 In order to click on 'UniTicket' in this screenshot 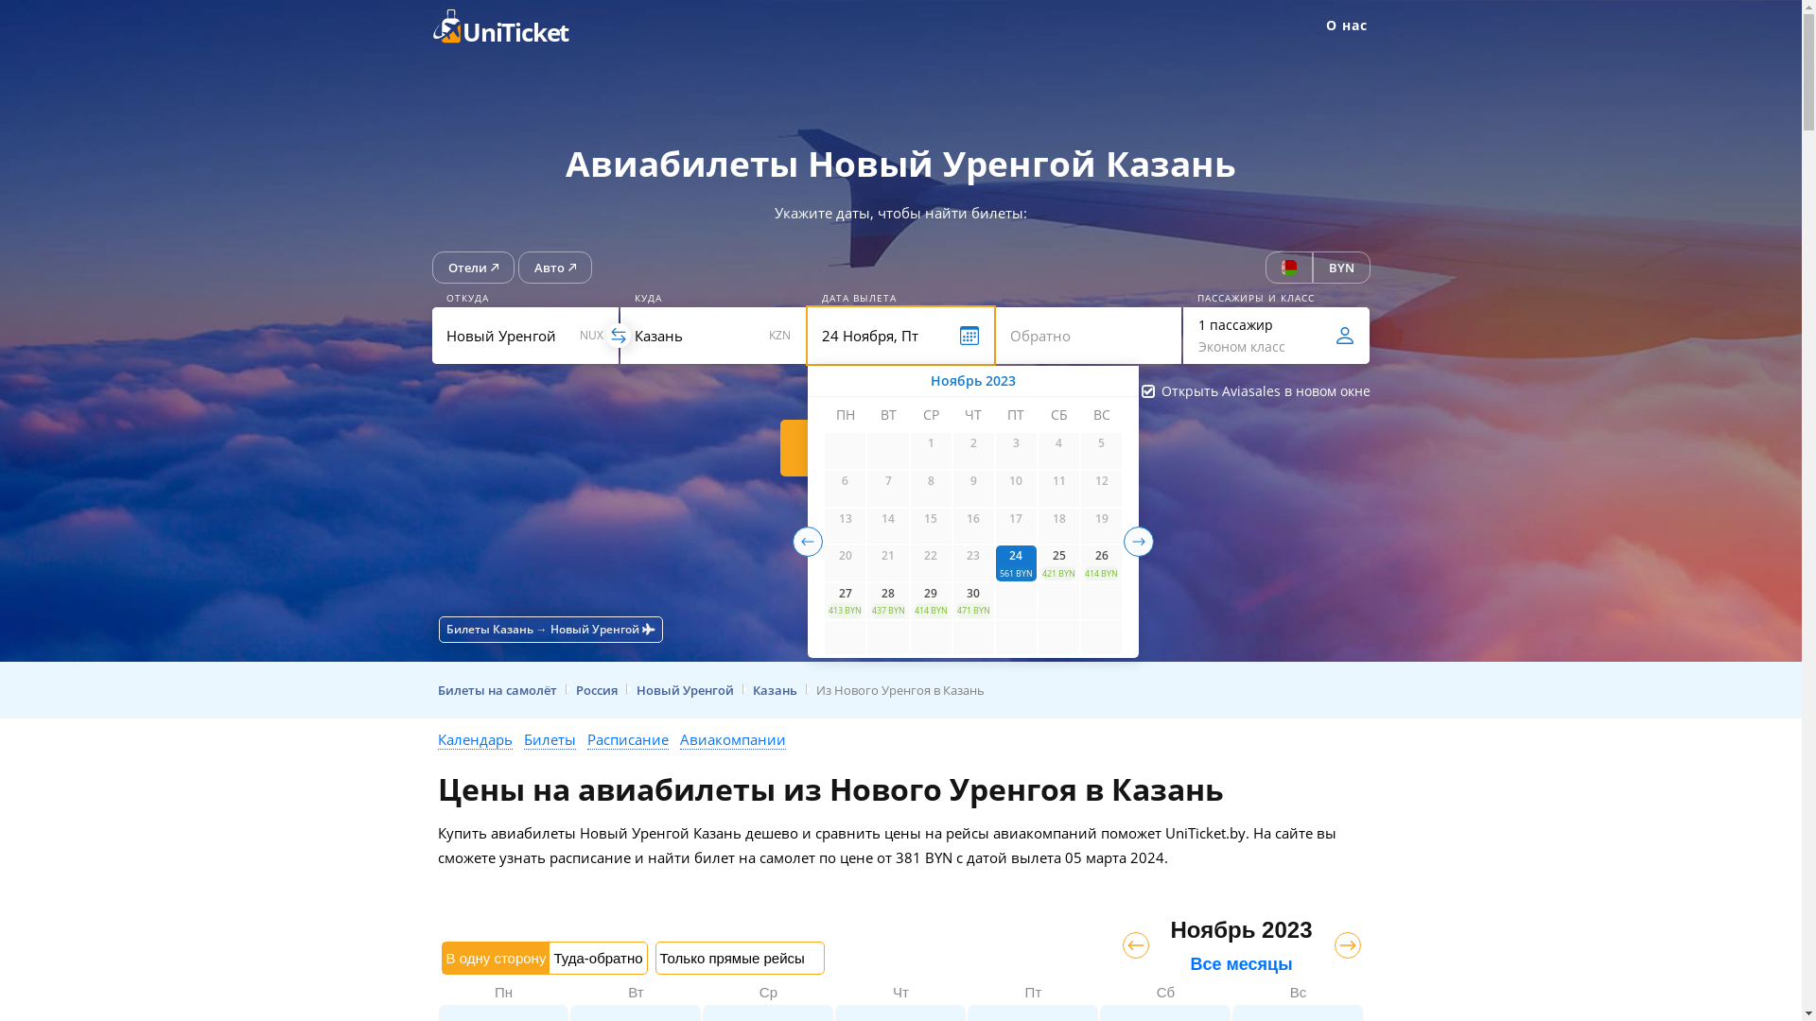, I will do `click(513, 26)`.